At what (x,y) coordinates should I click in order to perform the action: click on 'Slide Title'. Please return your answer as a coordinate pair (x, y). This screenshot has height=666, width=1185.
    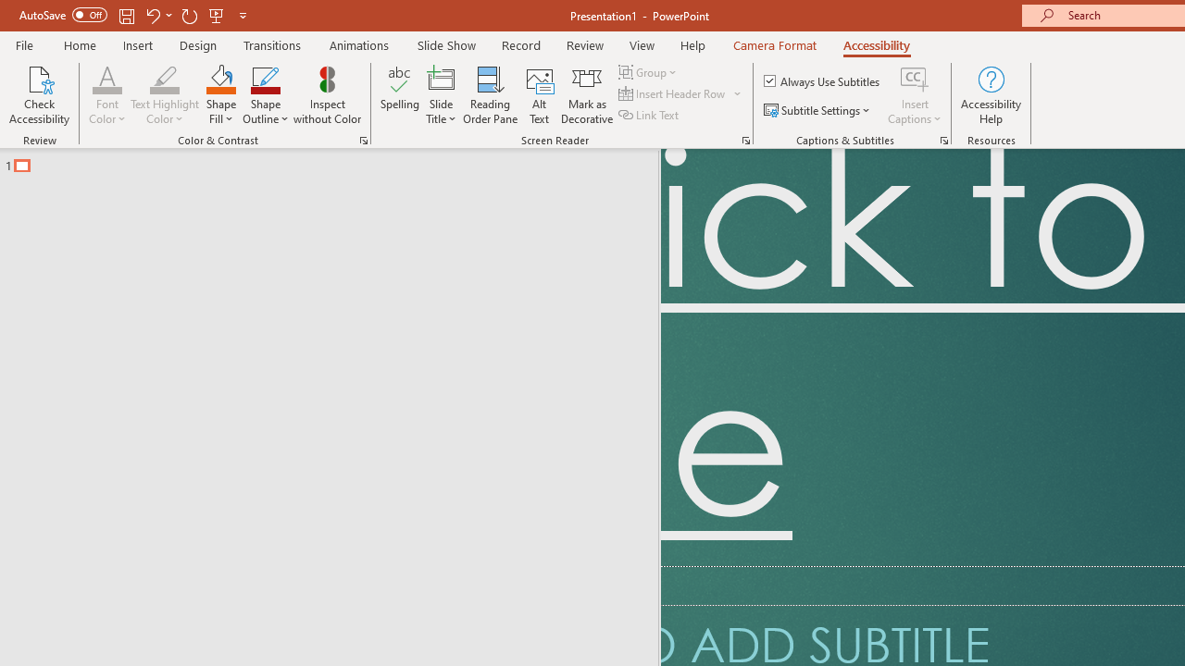
    Looking at the image, I should click on (440, 78).